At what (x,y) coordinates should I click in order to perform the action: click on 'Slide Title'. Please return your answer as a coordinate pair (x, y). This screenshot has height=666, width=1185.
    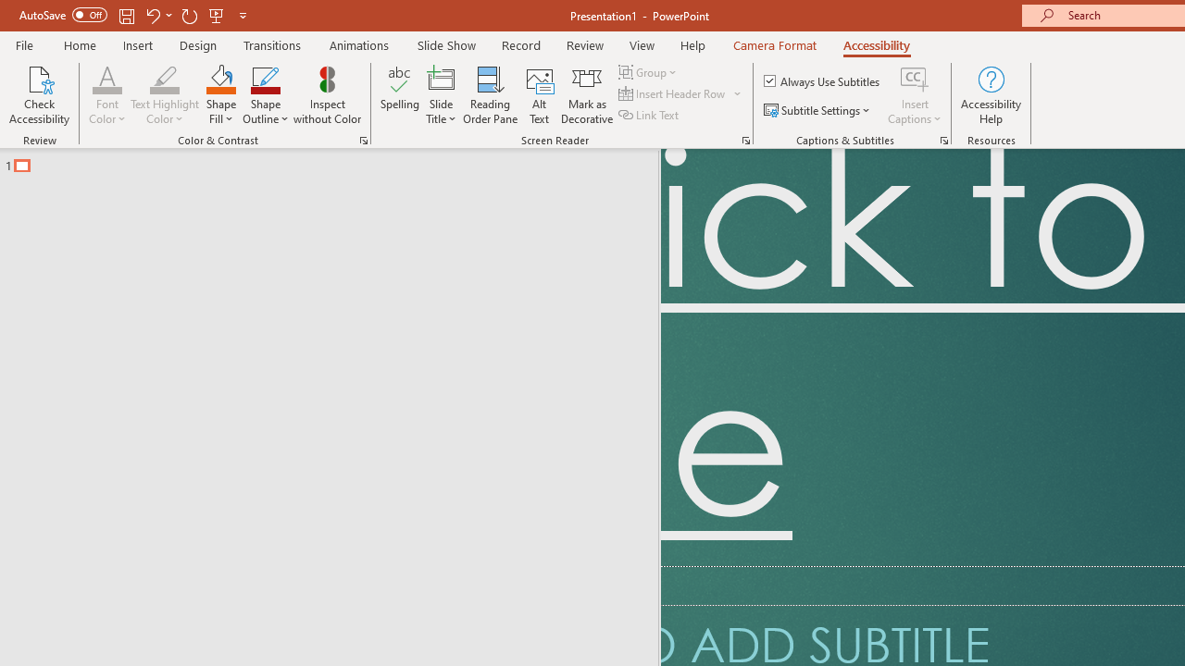
    Looking at the image, I should click on (440, 78).